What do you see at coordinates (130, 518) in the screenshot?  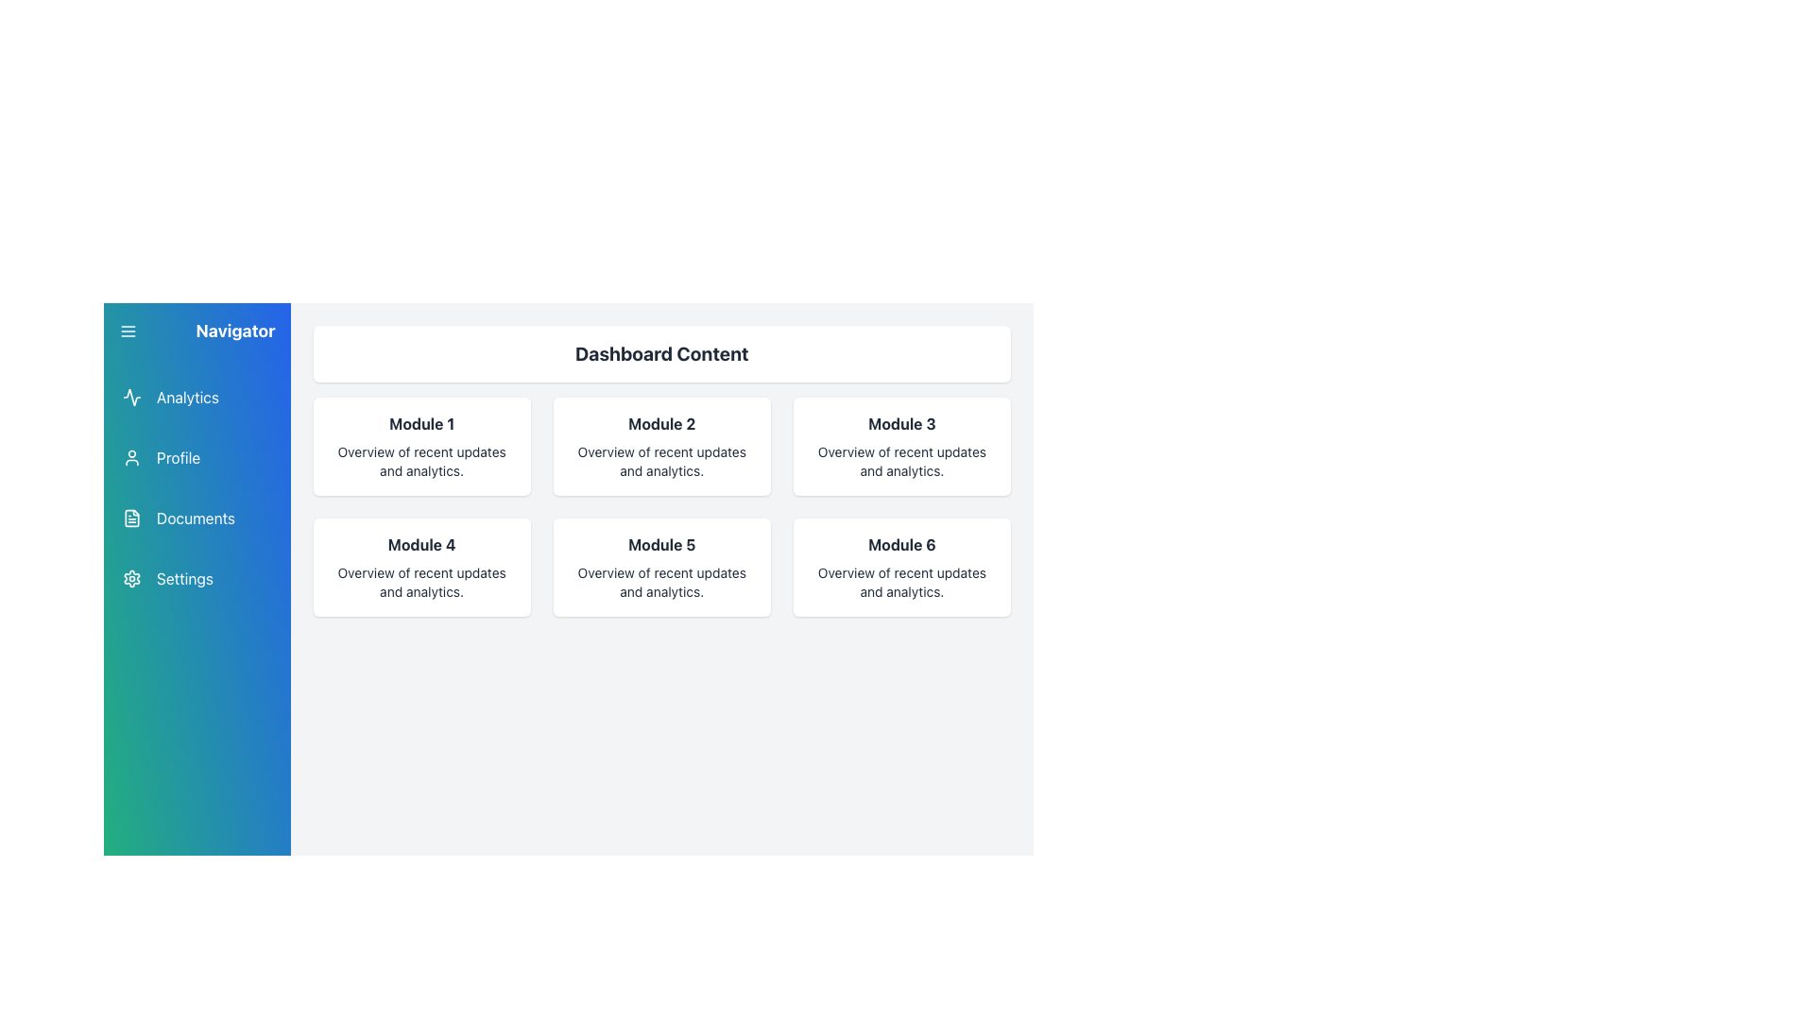 I see `the 'Documents' icon located in the vertical navigation menu on the left side of the interface, which is the third option from the top` at bounding box center [130, 518].